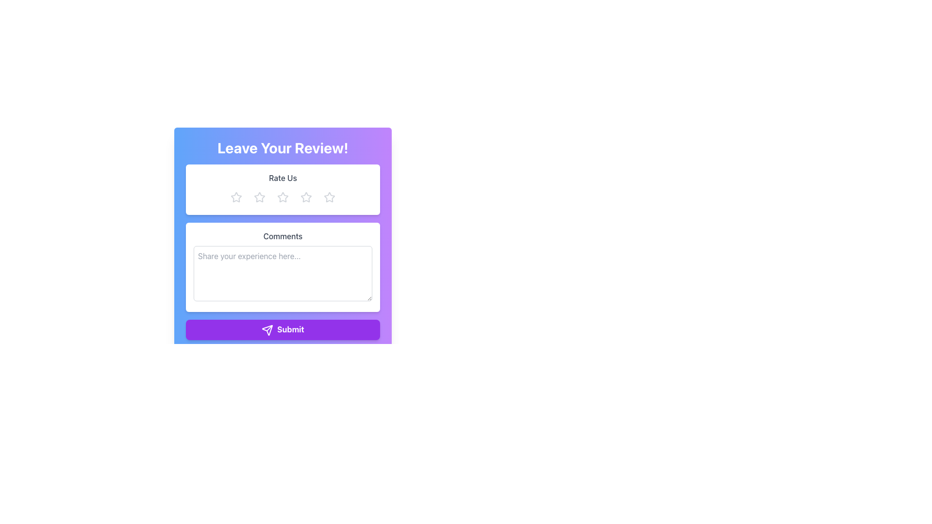 Image resolution: width=932 pixels, height=524 pixels. Describe the element at coordinates (267, 329) in the screenshot. I see `the paper airplane icon, which is located to the left of the 'Submit' text within the 'Submit' button at the bottom of the interface` at that location.